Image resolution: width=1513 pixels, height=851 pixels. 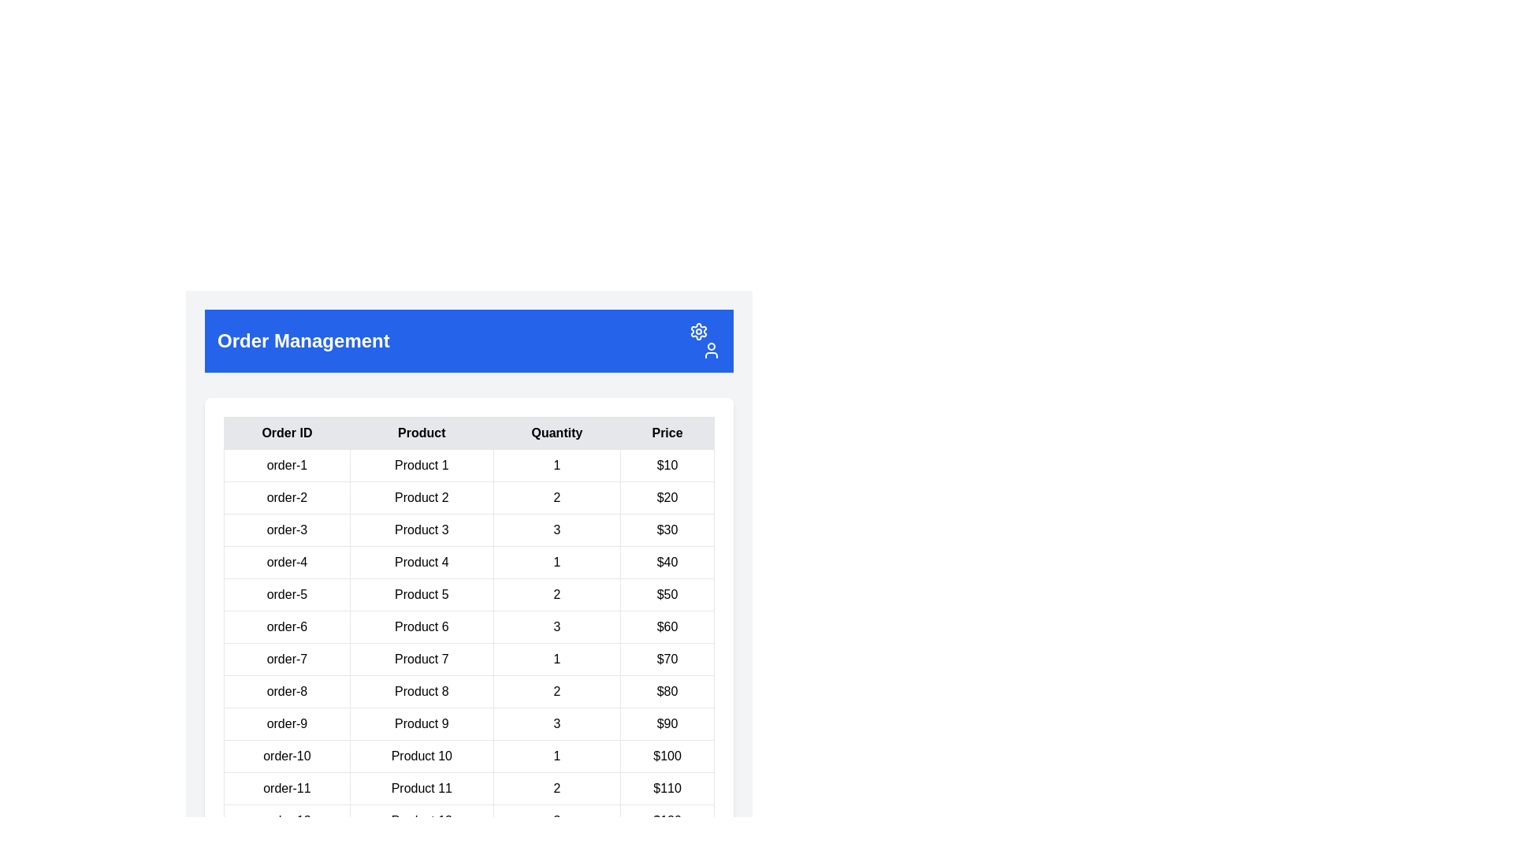 I want to click on the table cell, so click(x=422, y=660).